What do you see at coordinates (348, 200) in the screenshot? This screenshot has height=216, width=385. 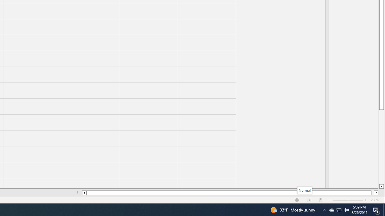 I see `'Zoom'` at bounding box center [348, 200].